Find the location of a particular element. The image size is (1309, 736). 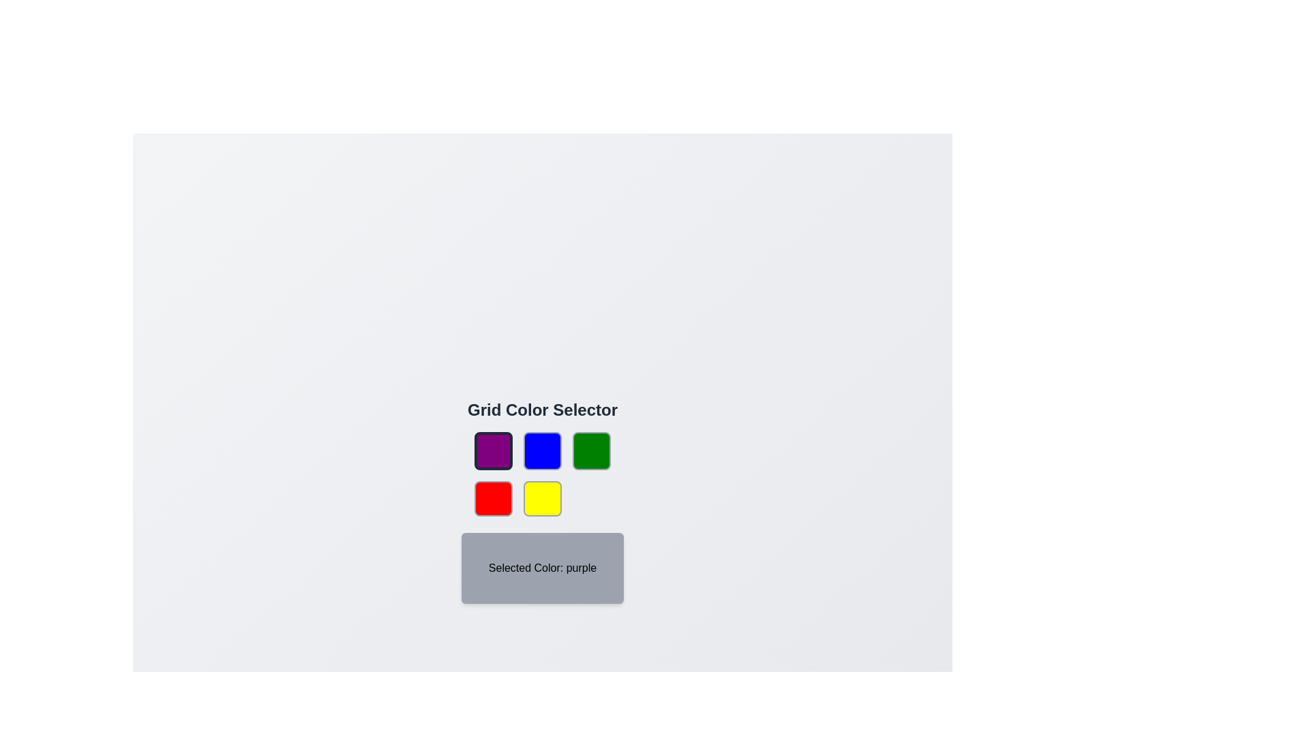

the color button corresponding to green is located at coordinates (592, 451).